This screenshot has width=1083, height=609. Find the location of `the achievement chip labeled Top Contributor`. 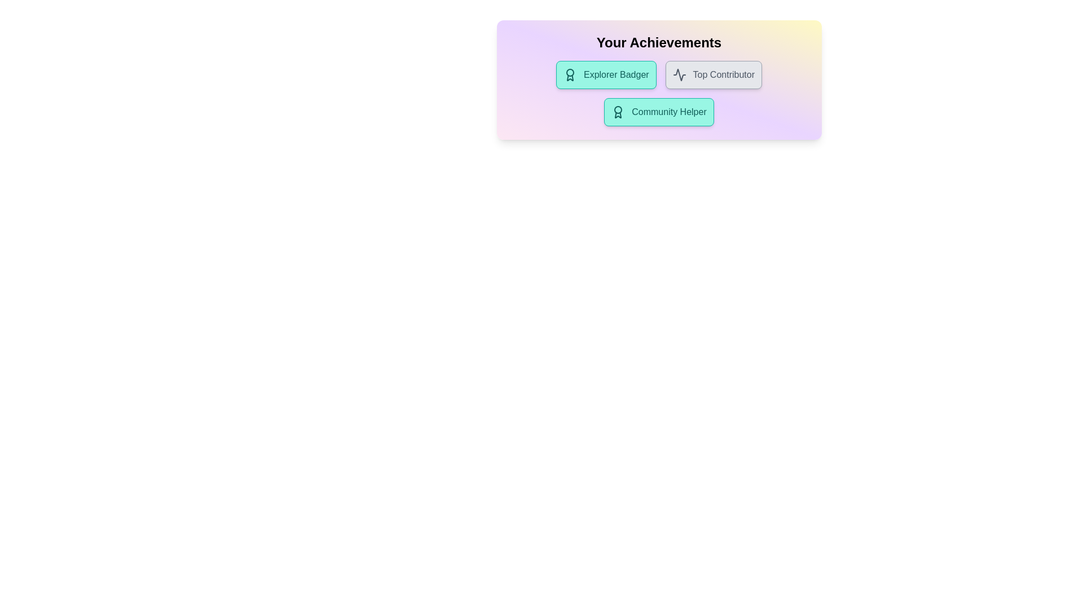

the achievement chip labeled Top Contributor is located at coordinates (713, 74).